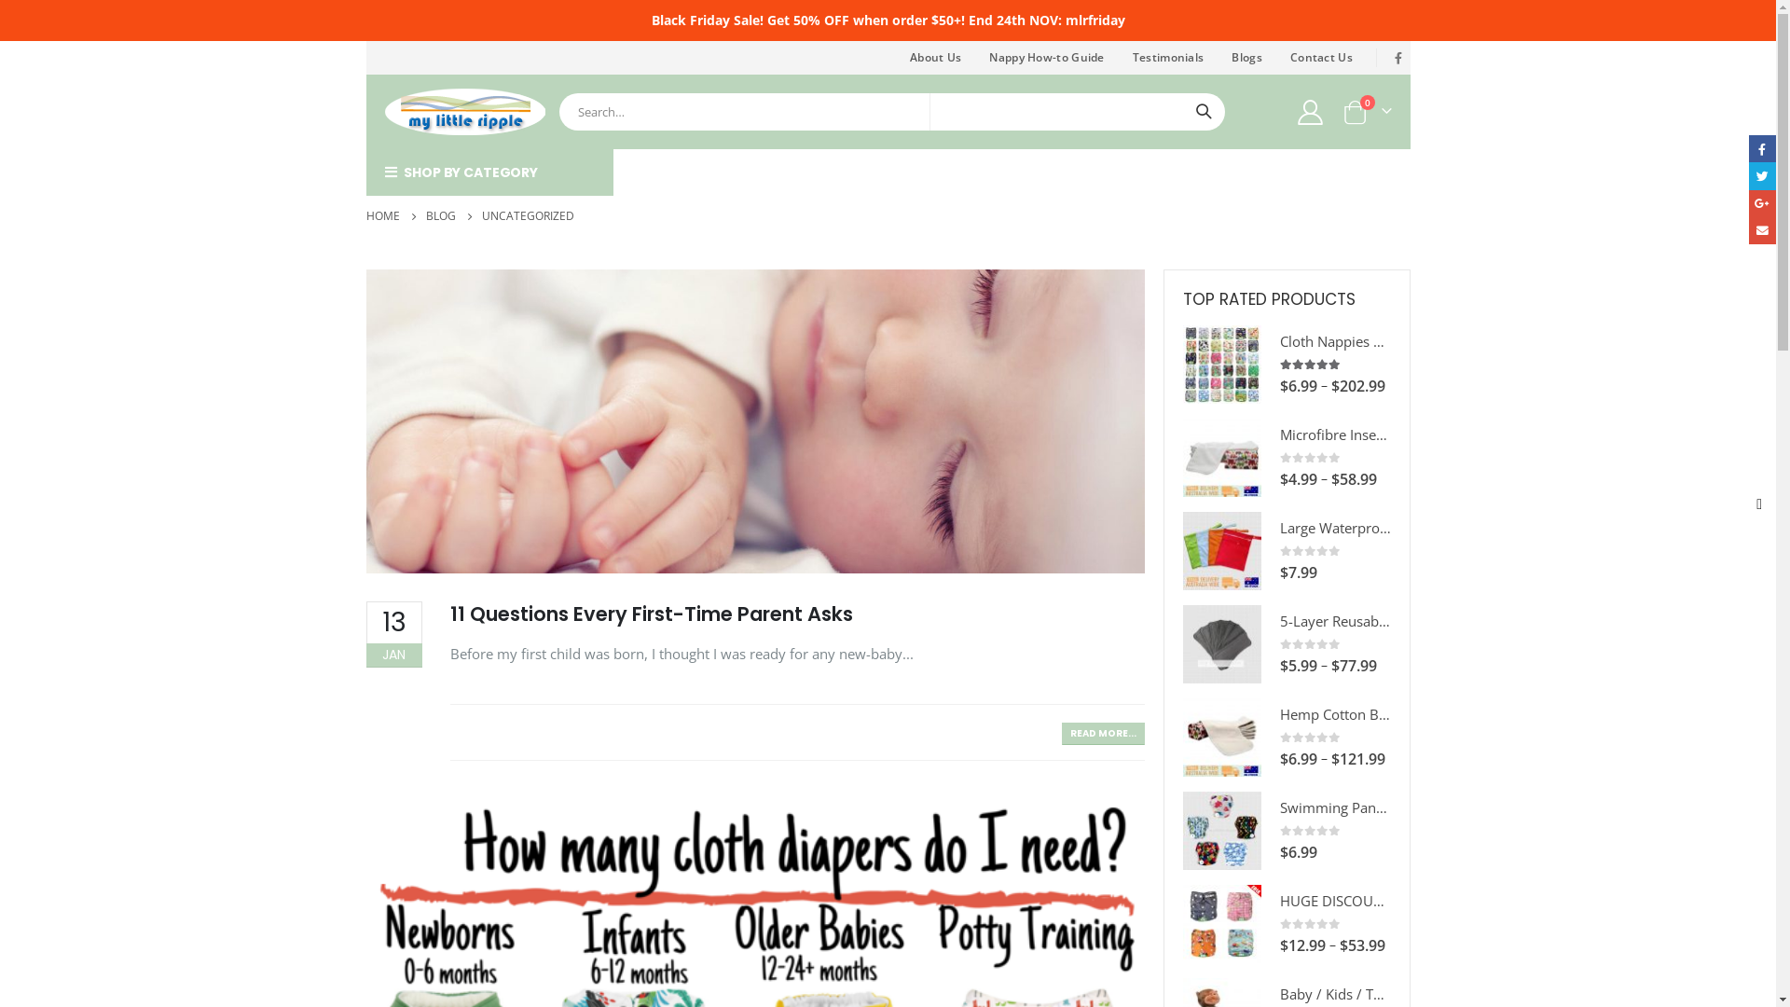  I want to click on 'Facebook', so click(1761, 147).